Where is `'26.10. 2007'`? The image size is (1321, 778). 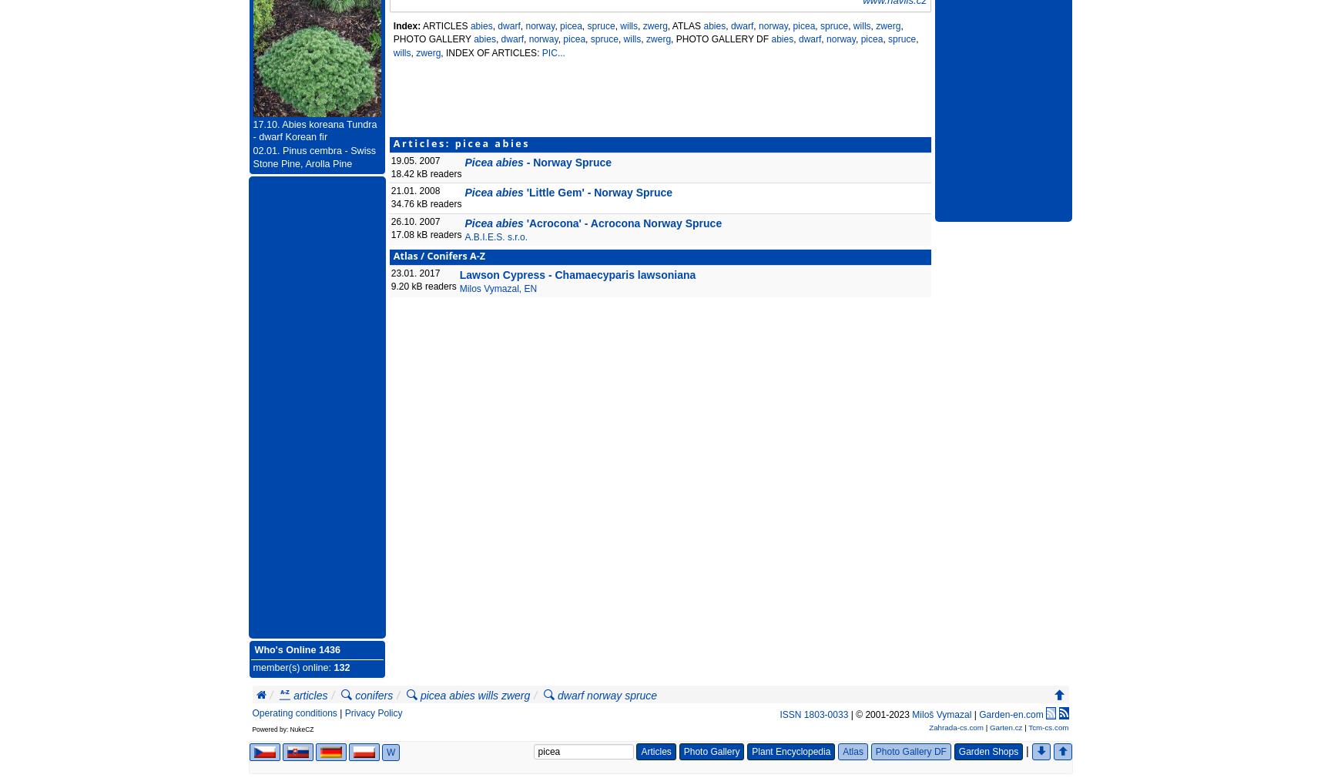 '26.10. 2007' is located at coordinates (414, 221).